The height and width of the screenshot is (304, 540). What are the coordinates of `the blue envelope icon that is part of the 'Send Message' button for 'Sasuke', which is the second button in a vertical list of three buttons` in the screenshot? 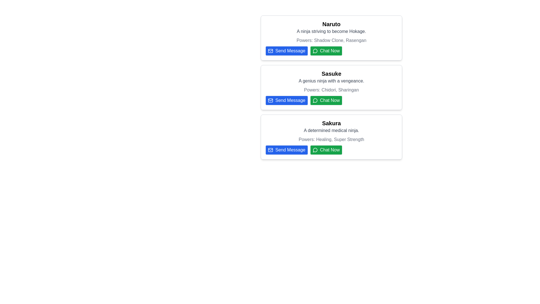 It's located at (270, 100).